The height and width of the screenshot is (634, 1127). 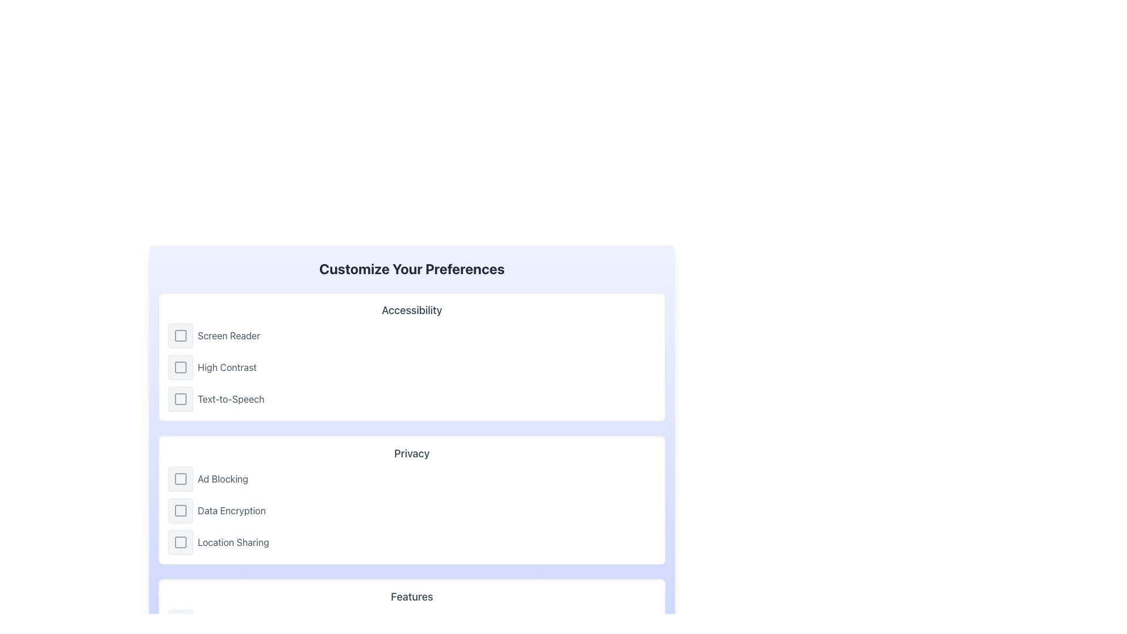 What do you see at coordinates (411, 542) in the screenshot?
I see `the 'Location Sharing' checkbox` at bounding box center [411, 542].